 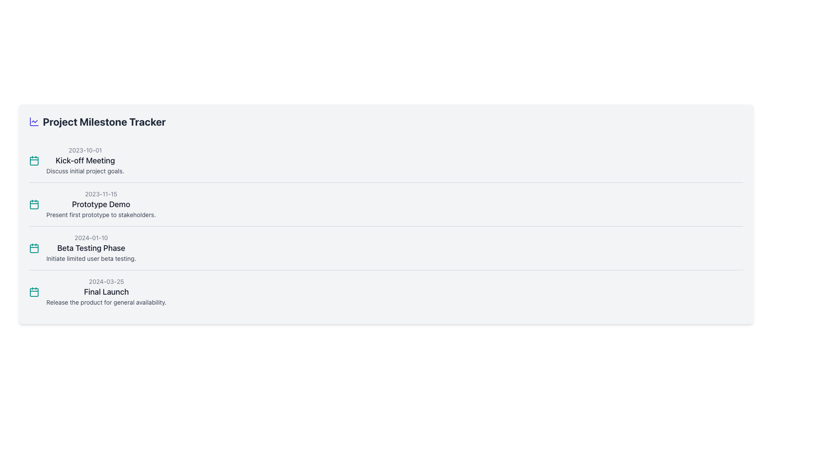 I want to click on the teal calendar icon at the start of the 'Beta Testing Phase' milestone entry, positioned to the left of the date '2024-01-10', so click(x=34, y=248).